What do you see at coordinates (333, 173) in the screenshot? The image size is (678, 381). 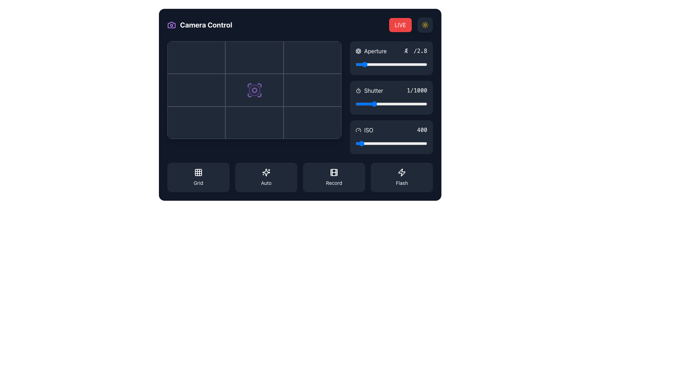 I see `the central rectangular component of the film reel icon, which is a decorative graphical icon representing an aperture or film component` at bounding box center [333, 173].